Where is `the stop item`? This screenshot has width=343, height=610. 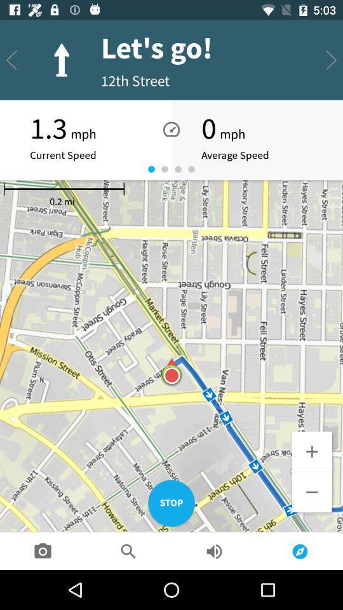 the stop item is located at coordinates (171, 503).